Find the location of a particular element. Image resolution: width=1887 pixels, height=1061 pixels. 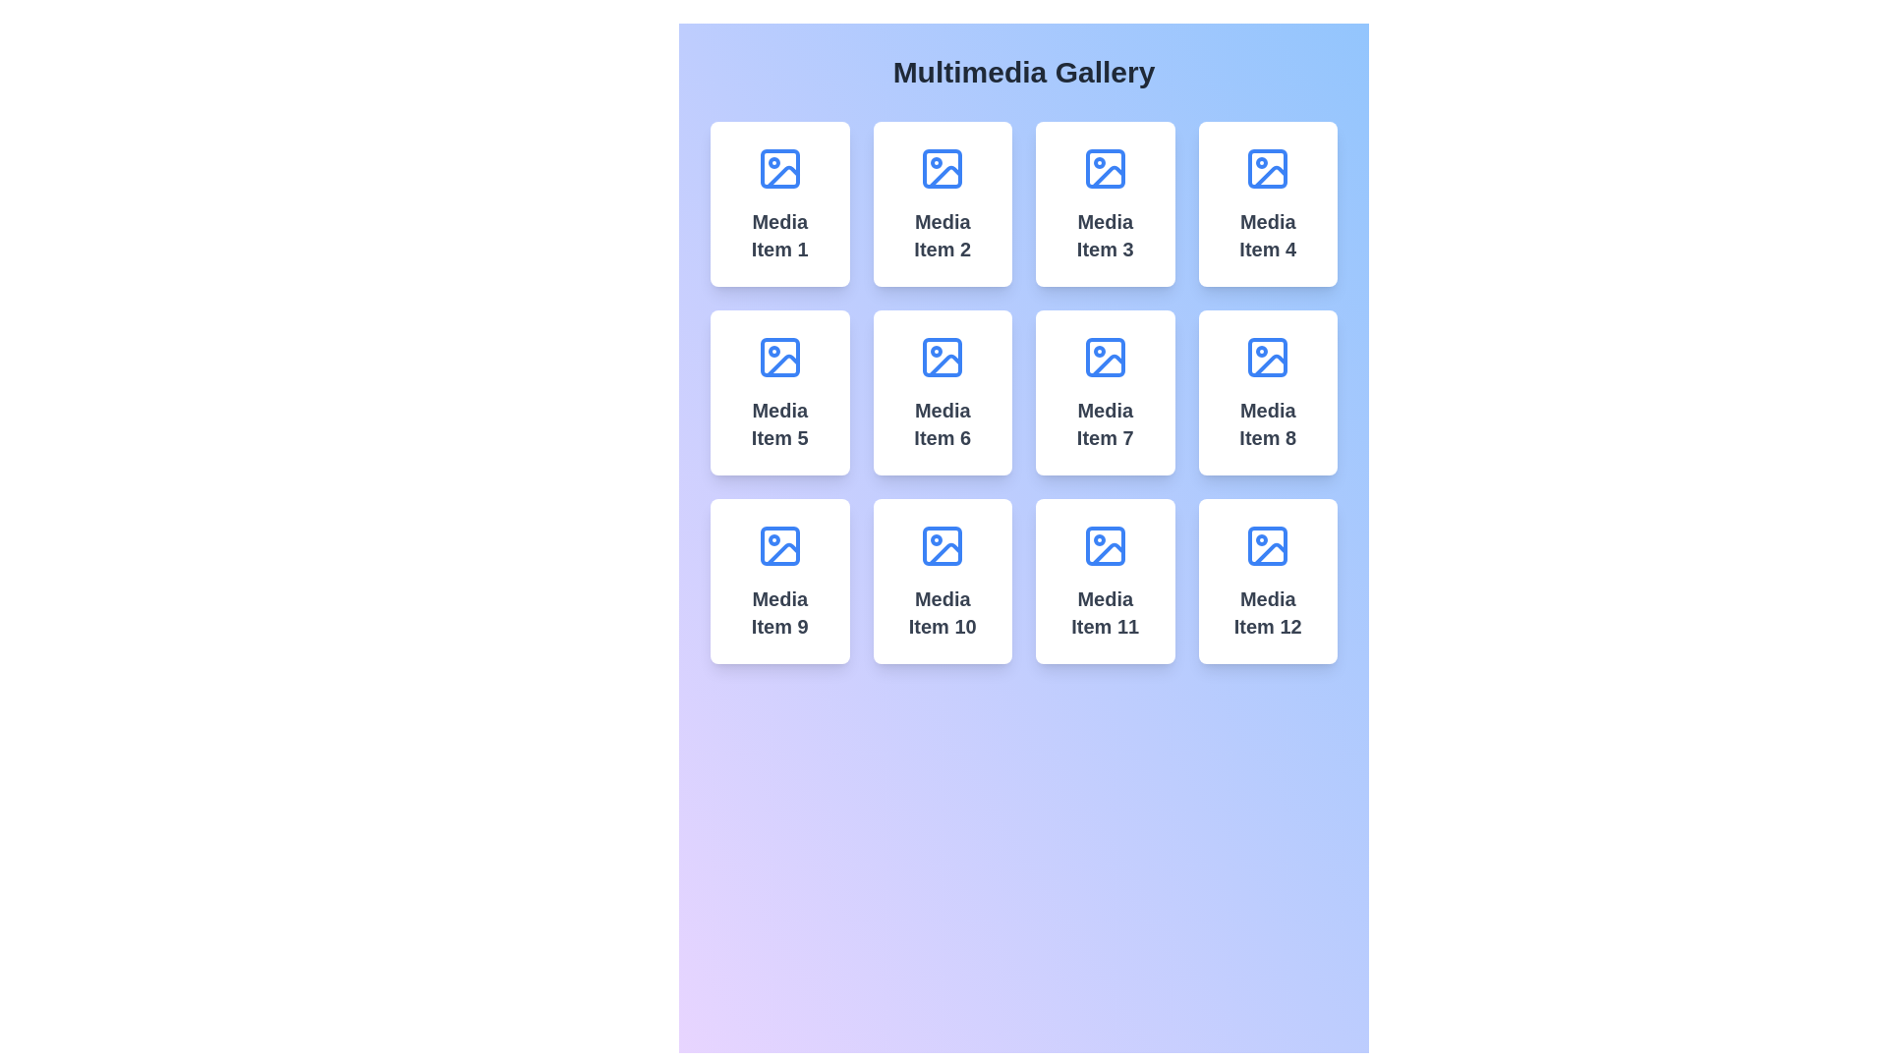

the blue-bordered square icon representing 'Media Item 12' located in the bottom-right corner of the 'Multimedia Gallery' is located at coordinates (1268, 545).